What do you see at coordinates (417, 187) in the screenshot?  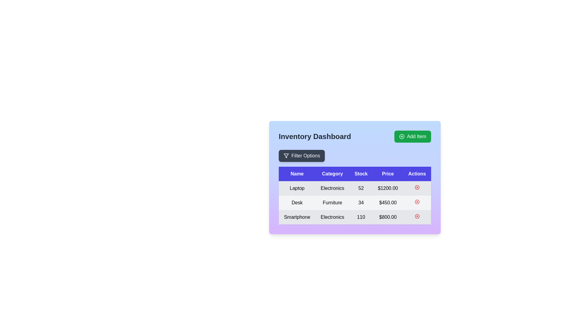 I see `the icon in the 'Actions' column of the first row, which is adjacent to the price '$1200.00'` at bounding box center [417, 187].